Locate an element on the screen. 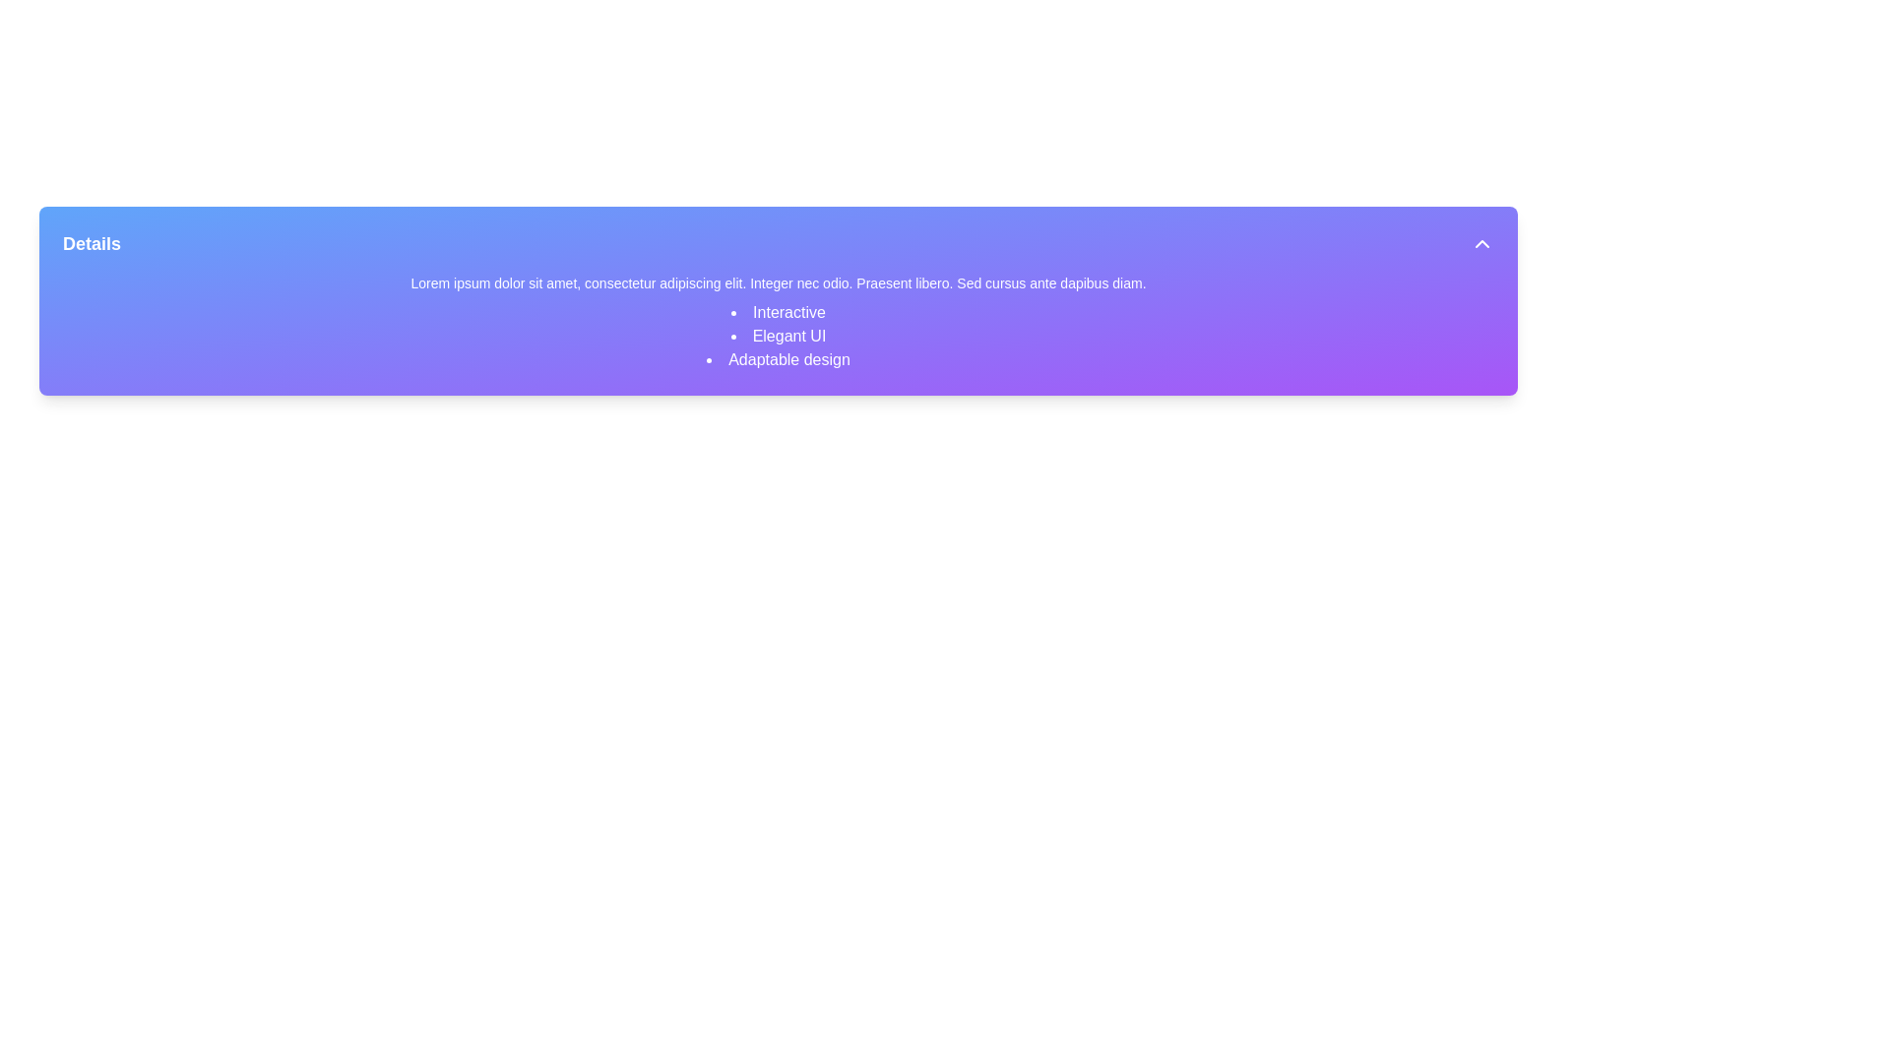  text of the second list item, which is styled in white and displays 'Elegant UI' against a colorful gradient background is located at coordinates (778, 336).